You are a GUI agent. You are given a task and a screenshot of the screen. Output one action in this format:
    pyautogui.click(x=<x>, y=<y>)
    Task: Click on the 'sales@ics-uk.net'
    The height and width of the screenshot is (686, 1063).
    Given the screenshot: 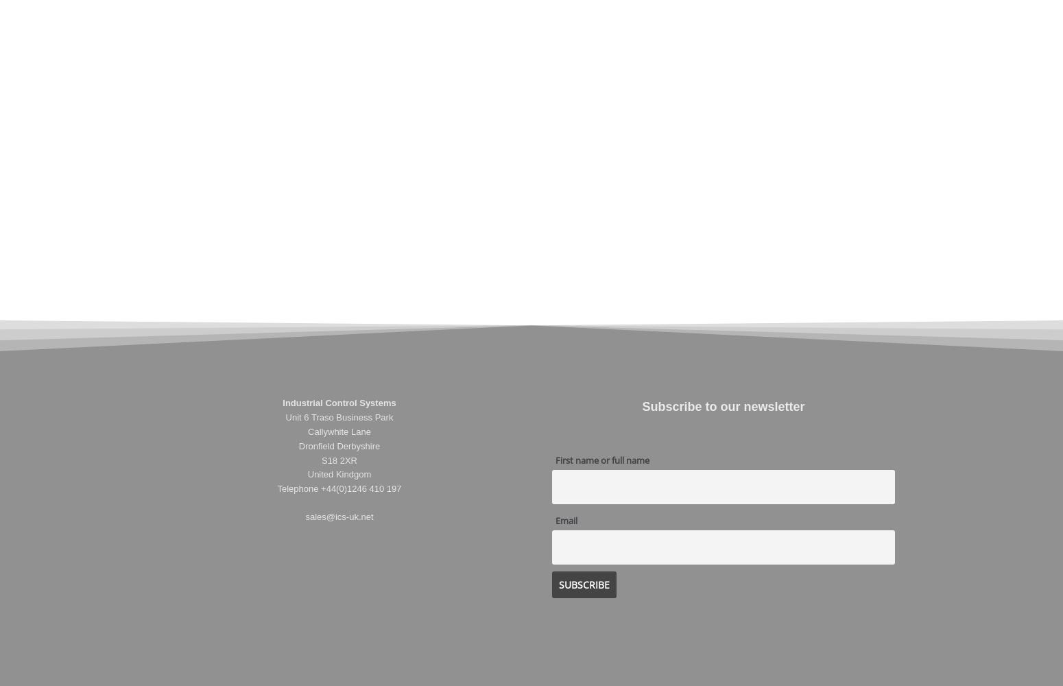 What is the action you would take?
    pyautogui.click(x=338, y=517)
    